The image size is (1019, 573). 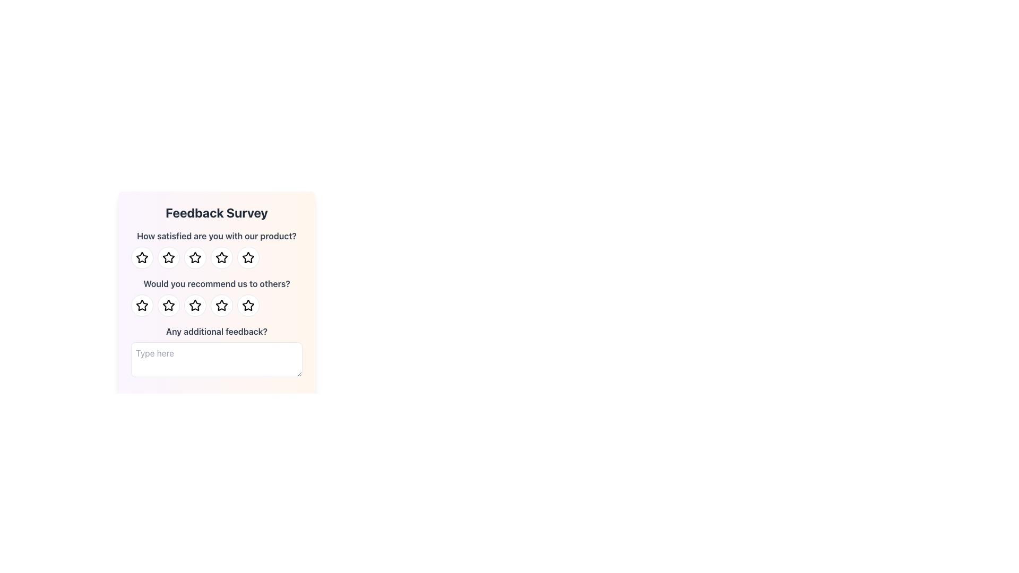 What do you see at coordinates (221, 258) in the screenshot?
I see `the fifth star rating button in the 'How satisfied are you with our product?' section` at bounding box center [221, 258].